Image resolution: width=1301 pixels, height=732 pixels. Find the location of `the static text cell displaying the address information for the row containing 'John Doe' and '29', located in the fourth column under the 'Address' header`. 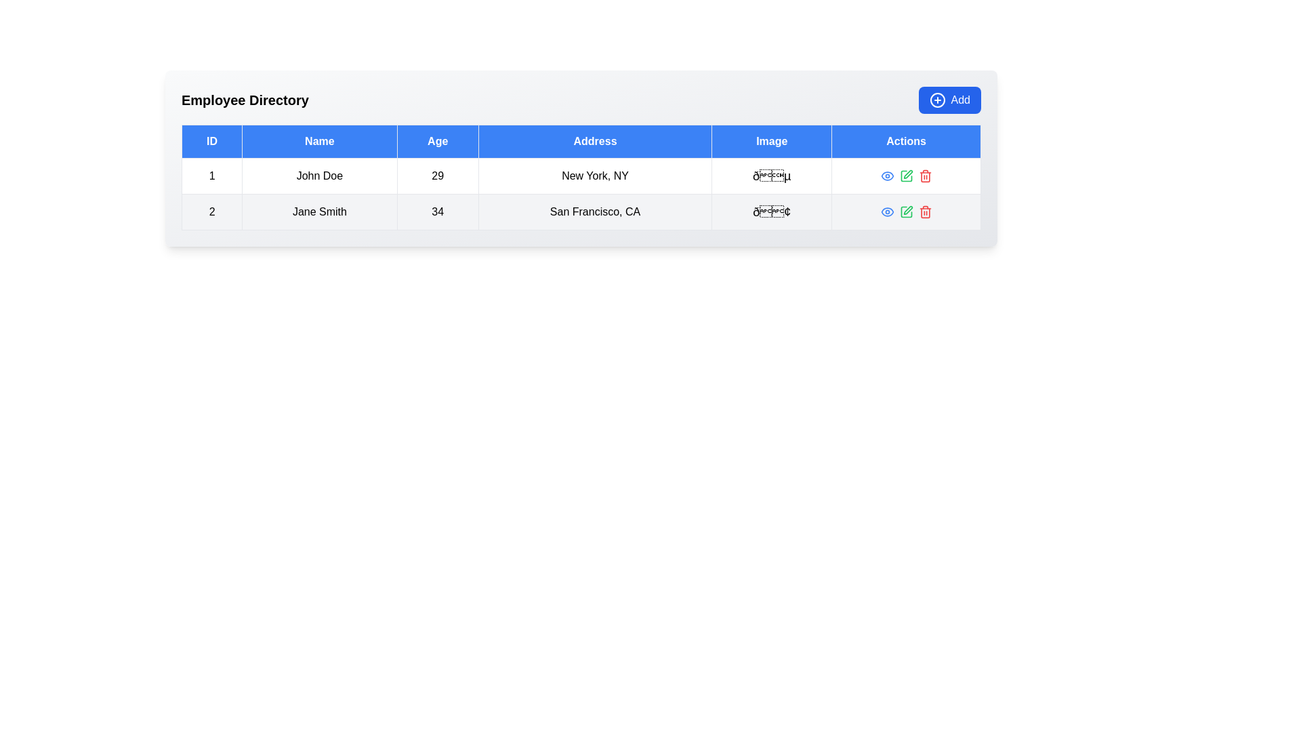

the static text cell displaying the address information for the row containing 'John Doe' and '29', located in the fourth column under the 'Address' header is located at coordinates (595, 175).